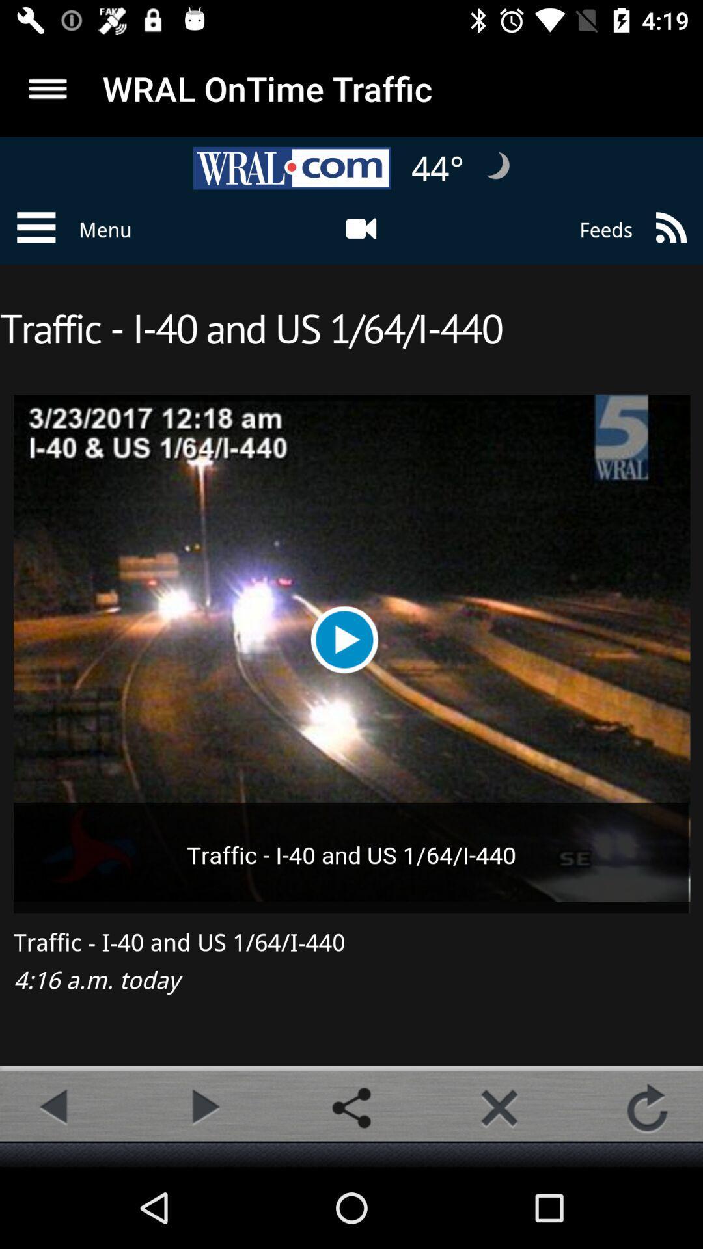  Describe the element at coordinates (647, 1107) in the screenshot. I see `replay option` at that location.